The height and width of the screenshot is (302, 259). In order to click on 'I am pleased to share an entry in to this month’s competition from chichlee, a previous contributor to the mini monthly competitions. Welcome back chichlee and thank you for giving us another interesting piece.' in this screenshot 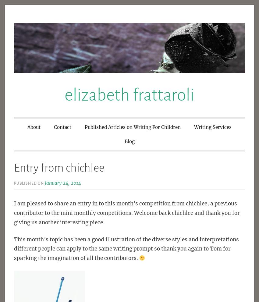, I will do `click(127, 213)`.